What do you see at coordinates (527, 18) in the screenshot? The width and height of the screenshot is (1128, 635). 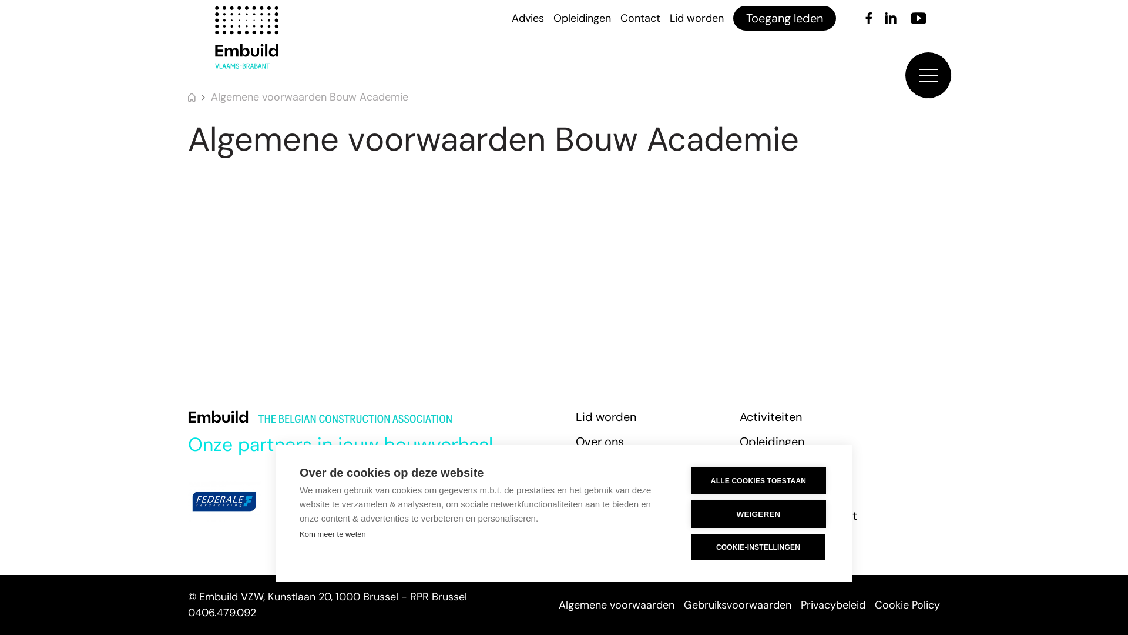 I see `'Advies'` at bounding box center [527, 18].